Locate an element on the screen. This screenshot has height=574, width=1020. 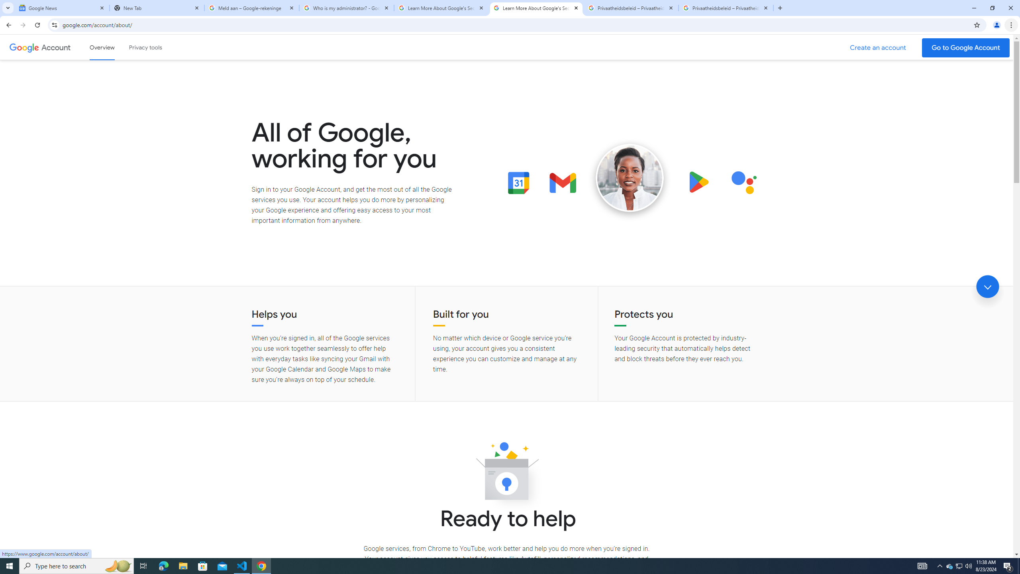
'Google logo' is located at coordinates (24, 47).